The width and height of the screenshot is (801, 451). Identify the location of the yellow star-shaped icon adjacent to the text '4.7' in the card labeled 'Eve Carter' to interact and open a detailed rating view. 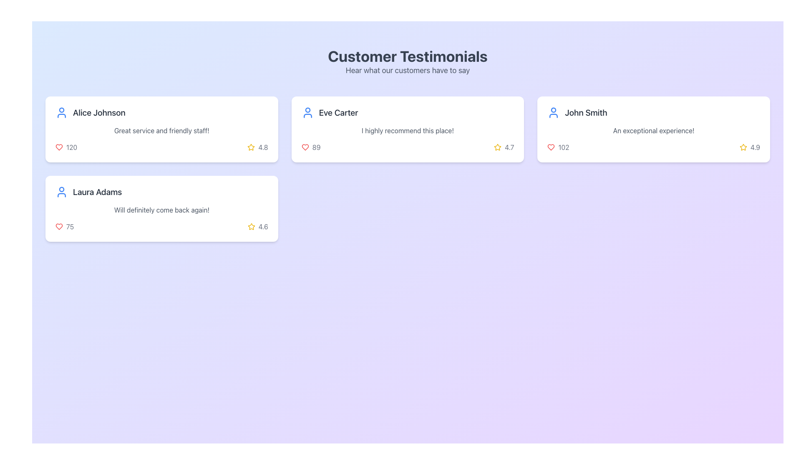
(498, 147).